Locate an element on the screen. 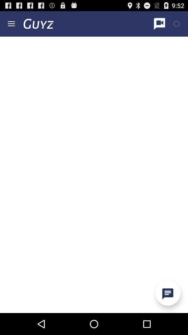 This screenshot has height=335, width=188. the photo icon is located at coordinates (177, 25).